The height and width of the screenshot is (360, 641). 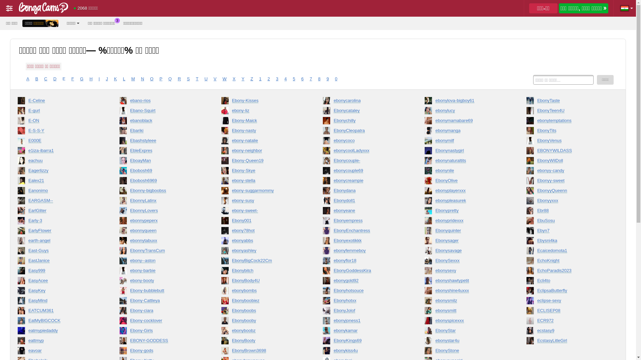 I want to click on 'earth-angel', so click(x=59, y=242).